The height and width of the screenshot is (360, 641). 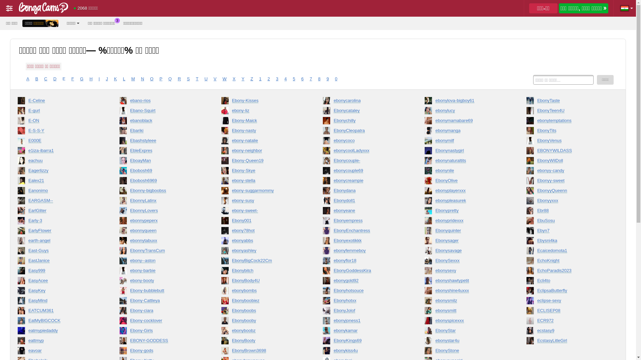 I want to click on 'earth-angel', so click(x=59, y=242).